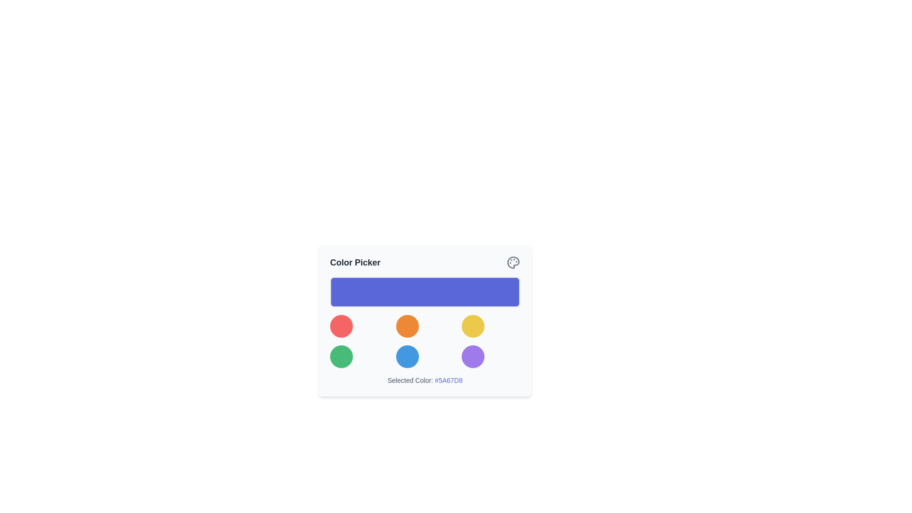  Describe the element at coordinates (513, 262) in the screenshot. I see `the color selection icon` at that location.